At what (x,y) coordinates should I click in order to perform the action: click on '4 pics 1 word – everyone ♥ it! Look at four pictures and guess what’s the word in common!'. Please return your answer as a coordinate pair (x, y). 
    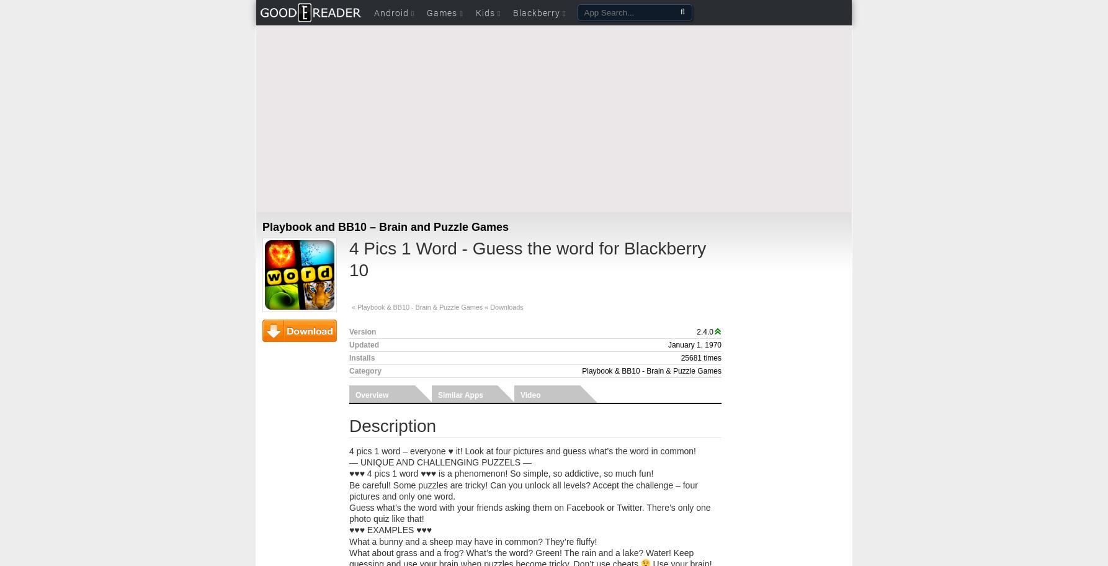
    Looking at the image, I should click on (522, 450).